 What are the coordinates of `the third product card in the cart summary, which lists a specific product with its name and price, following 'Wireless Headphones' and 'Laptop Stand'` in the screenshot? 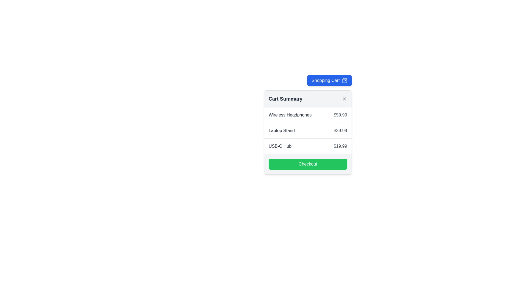 It's located at (308, 146).